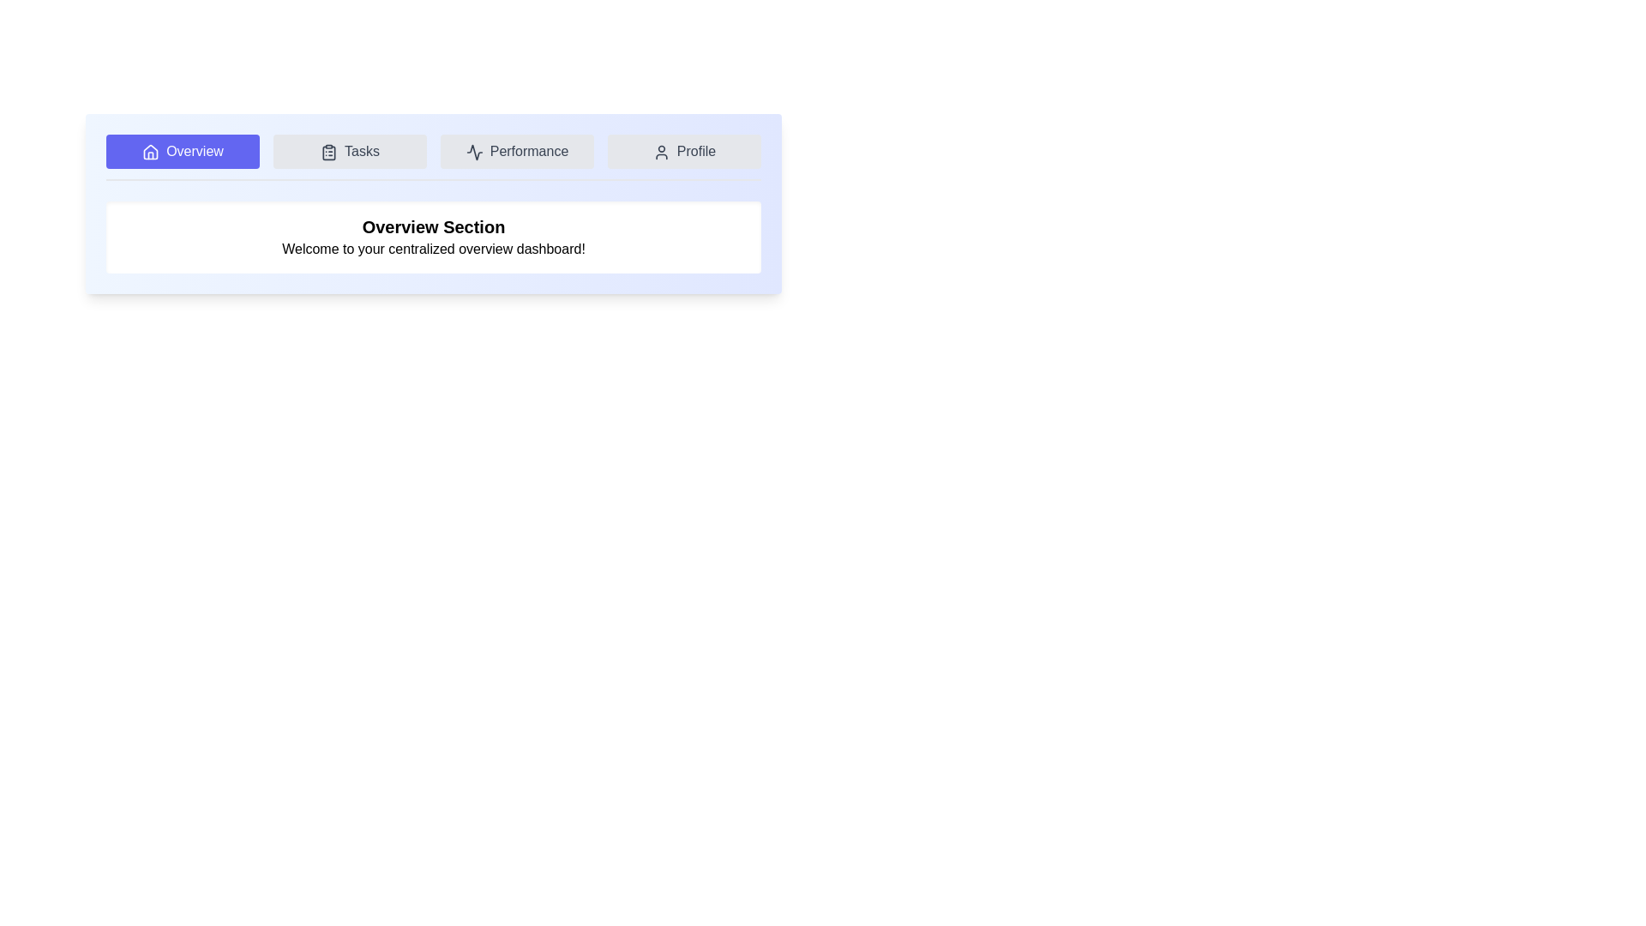 The height and width of the screenshot is (926, 1646). I want to click on the 'Performance' button, which is a rectangular button with rounded corners, gray background, and dark gray font, located in the horizontal navigation bar at the top, between the 'Tasks' and 'Profile' buttons, so click(516, 151).